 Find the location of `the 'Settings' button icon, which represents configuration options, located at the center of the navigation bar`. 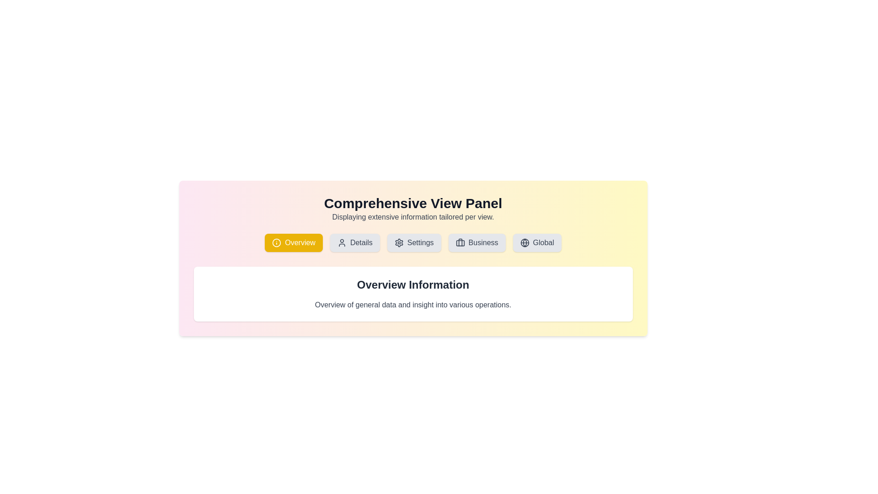

the 'Settings' button icon, which represents configuration options, located at the center of the navigation bar is located at coordinates (399, 242).